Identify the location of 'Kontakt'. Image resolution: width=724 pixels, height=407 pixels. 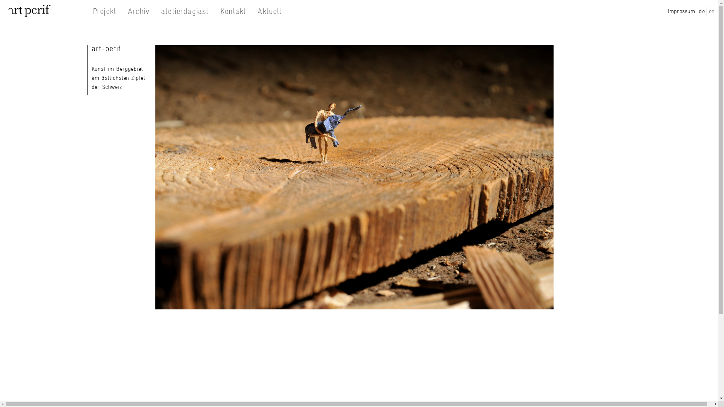
(233, 11).